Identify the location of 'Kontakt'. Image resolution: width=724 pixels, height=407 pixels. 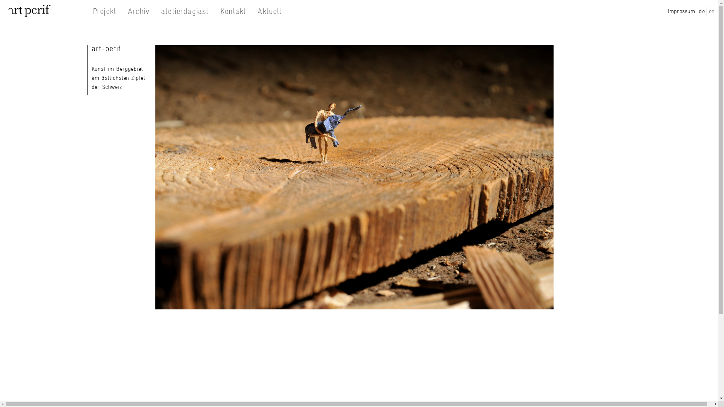
(233, 11).